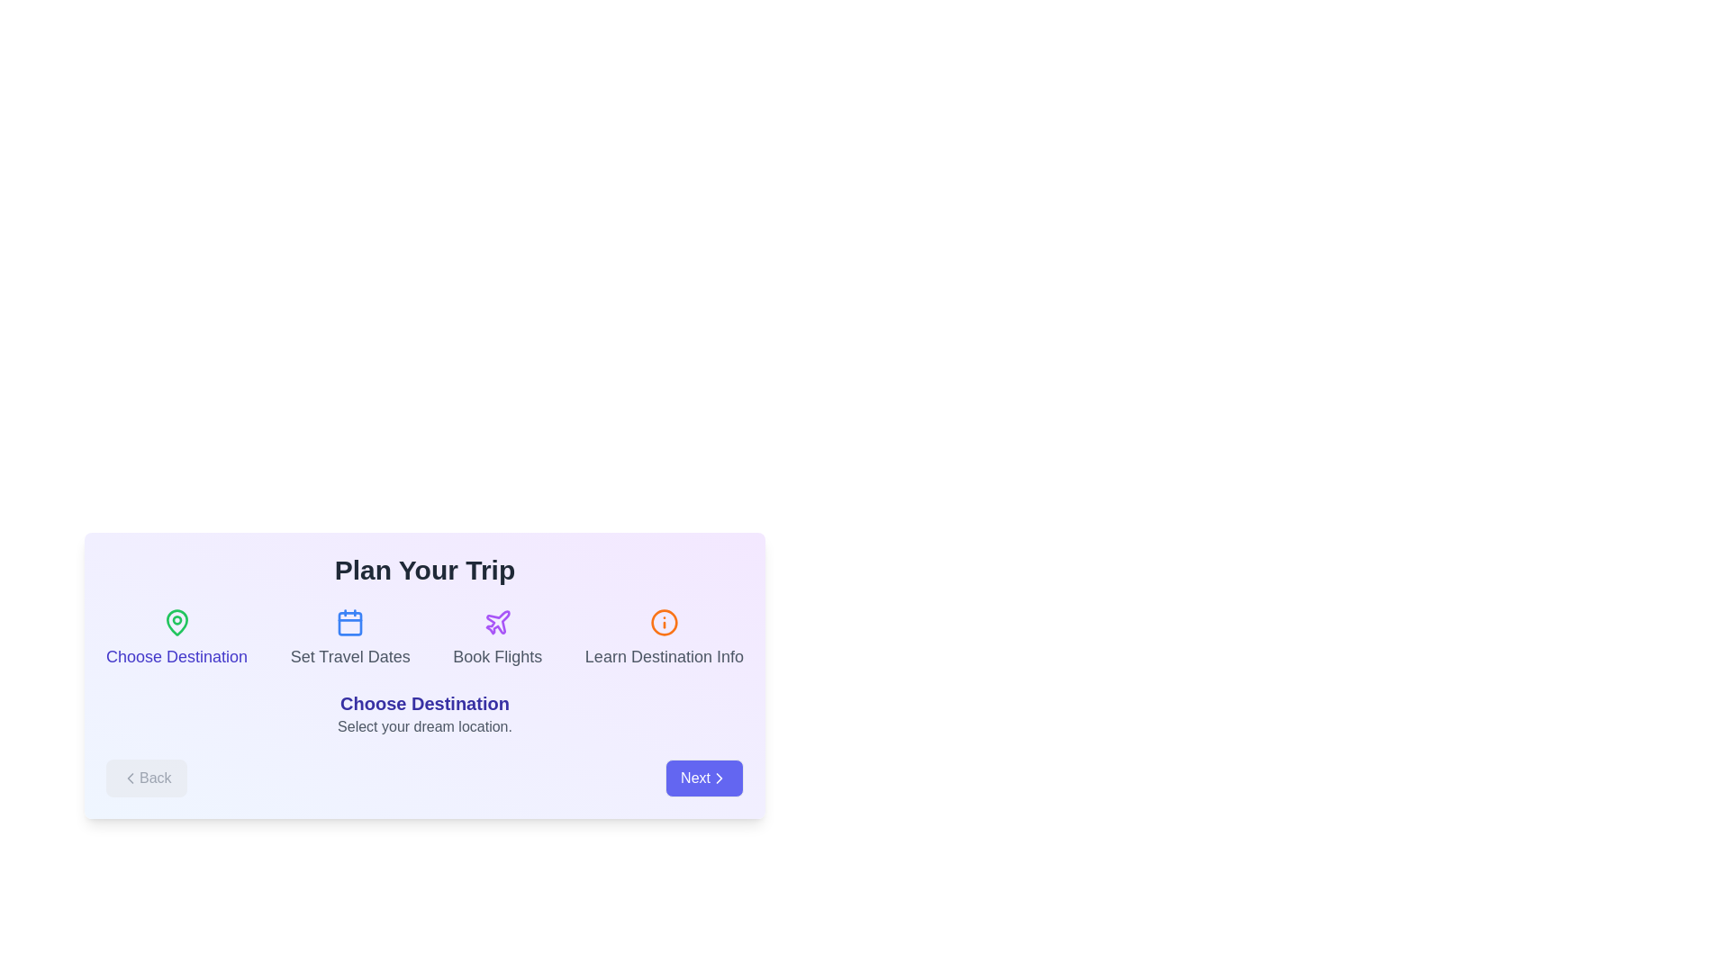  I want to click on the Icon with accompanying label text that symbolizes the first step in the flow related to choosing a destination, located just below the heading 'Plan Your Trip', so click(177, 637).